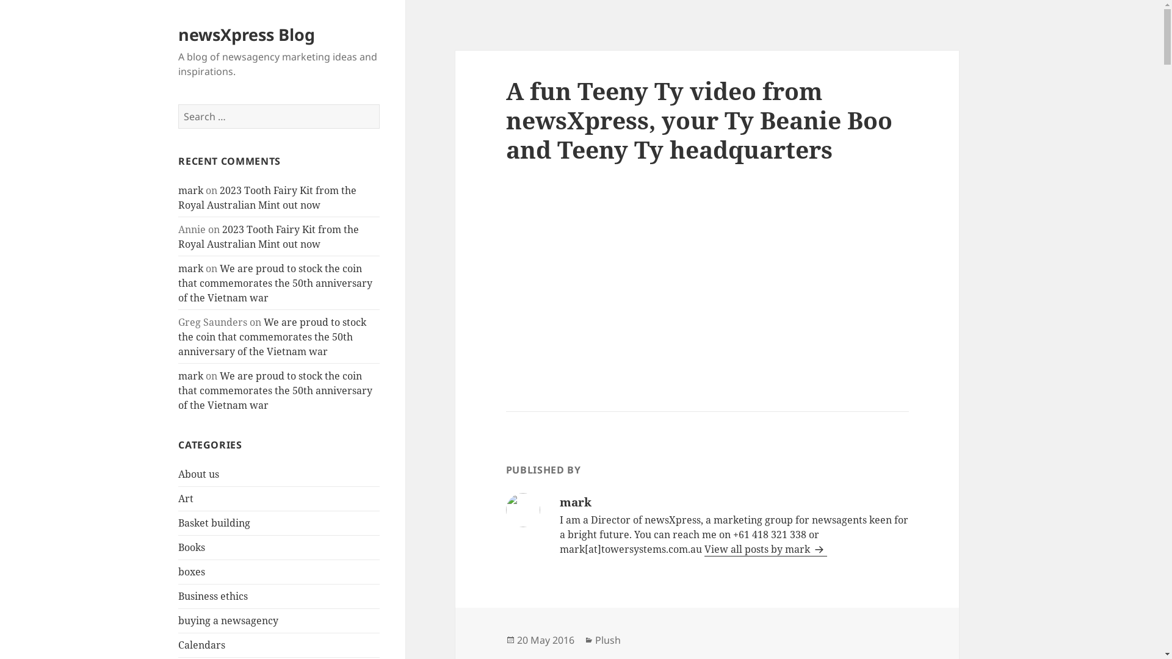 This screenshot has height=659, width=1172. What do you see at coordinates (245, 34) in the screenshot?
I see `'newsXpress Blog'` at bounding box center [245, 34].